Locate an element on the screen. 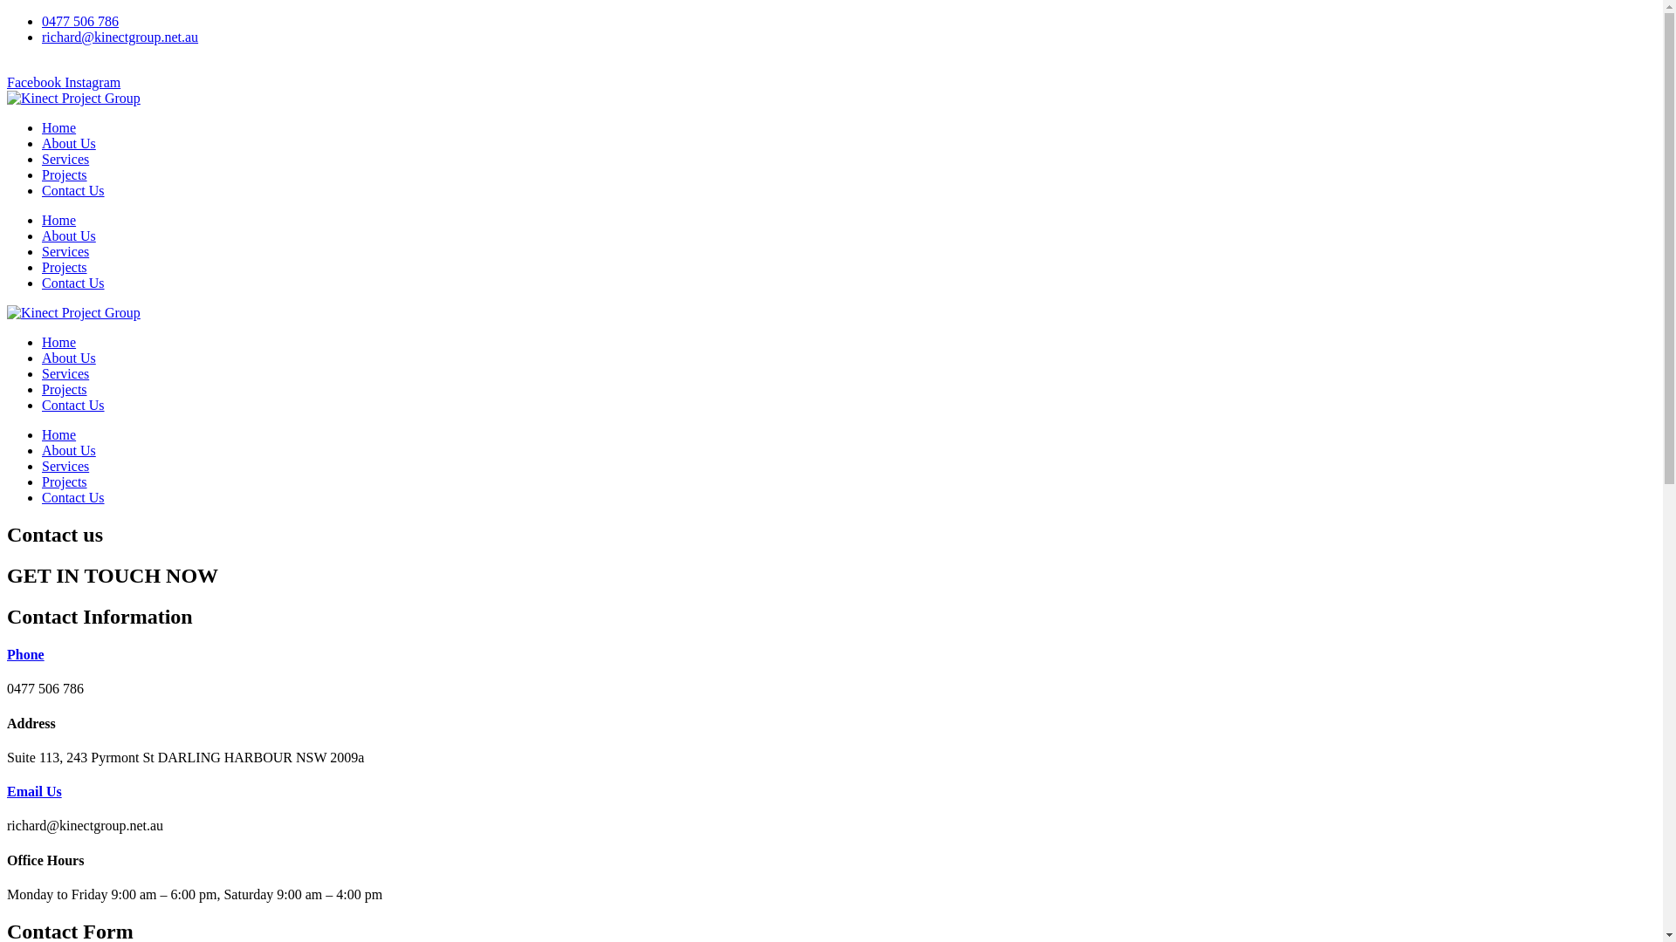 This screenshot has width=1676, height=942. 'Contact Us' is located at coordinates (72, 405).